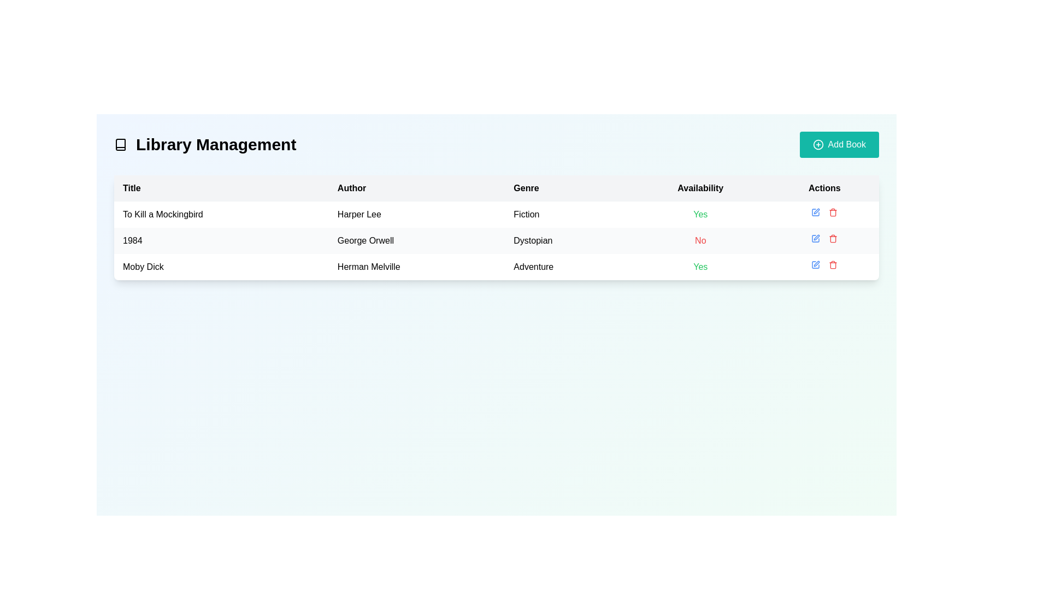 This screenshot has height=590, width=1049. I want to click on the third row of the table in the Library Management page, so click(496, 267).